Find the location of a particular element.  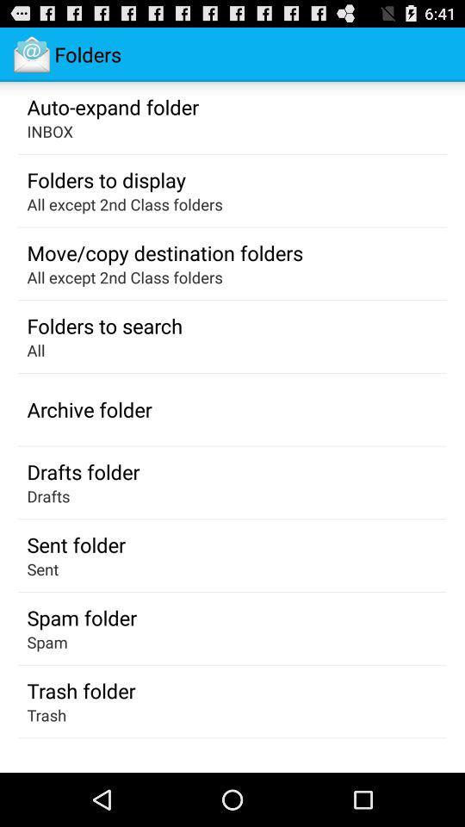

trash folder item is located at coordinates (80, 690).